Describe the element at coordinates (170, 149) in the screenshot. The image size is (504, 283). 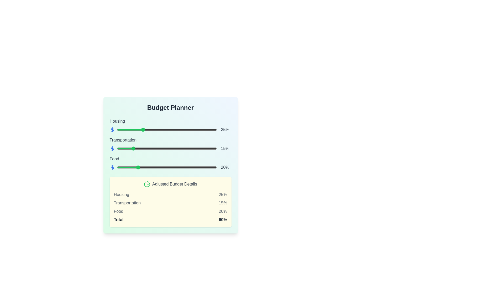
I see `percentage value displayed as '15%' on the text label located at the rightmost end of the horizontal slider in the 'Transportation' section` at that location.